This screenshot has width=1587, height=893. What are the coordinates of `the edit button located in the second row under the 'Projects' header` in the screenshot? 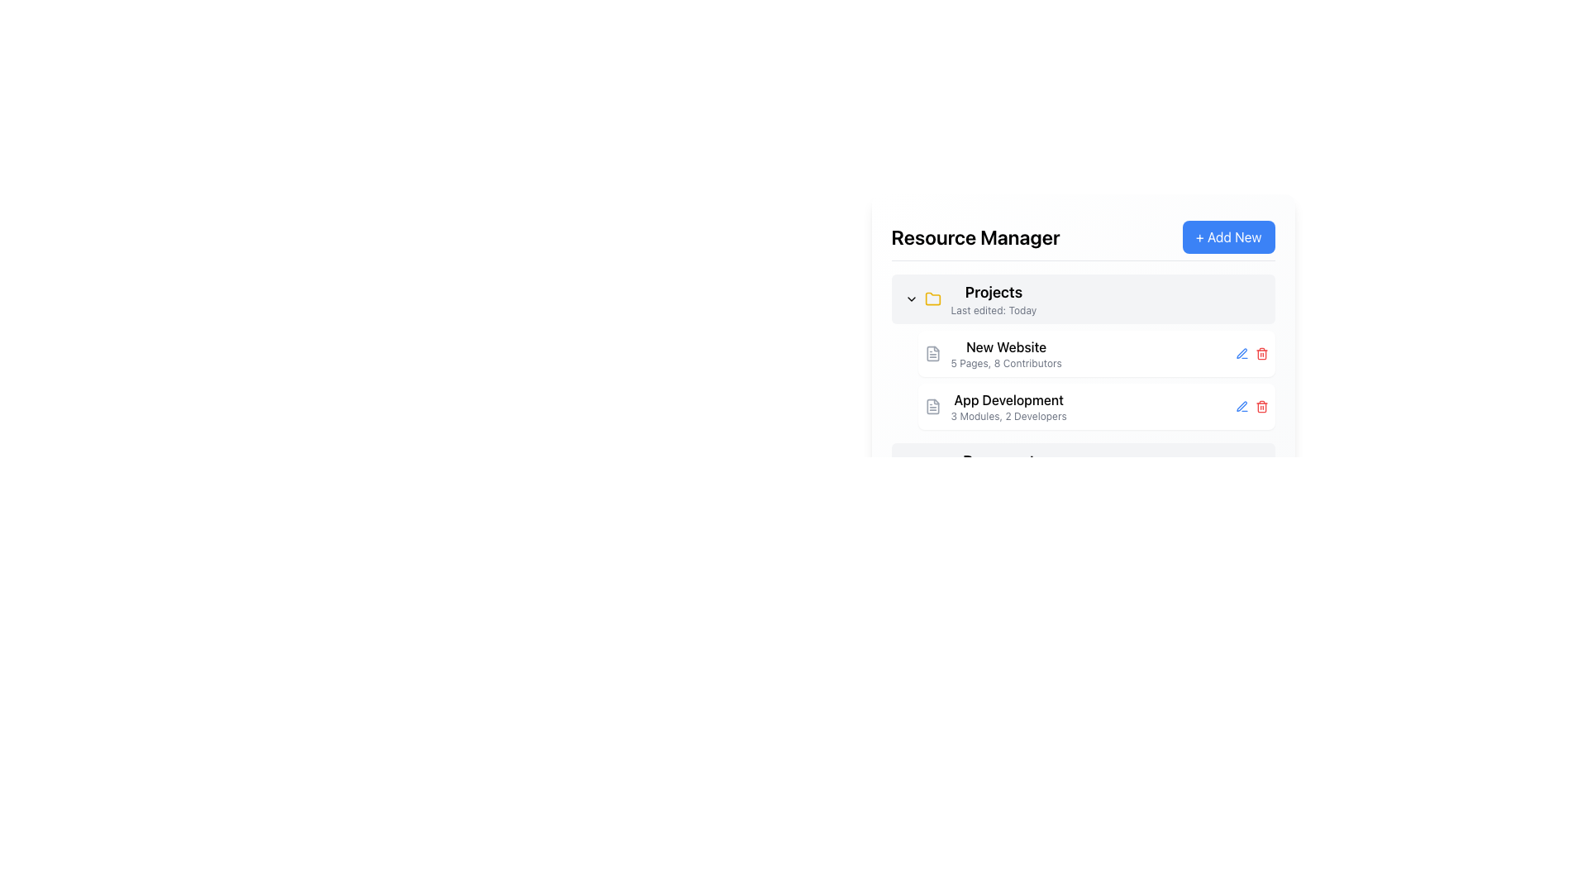 It's located at (1241, 353).